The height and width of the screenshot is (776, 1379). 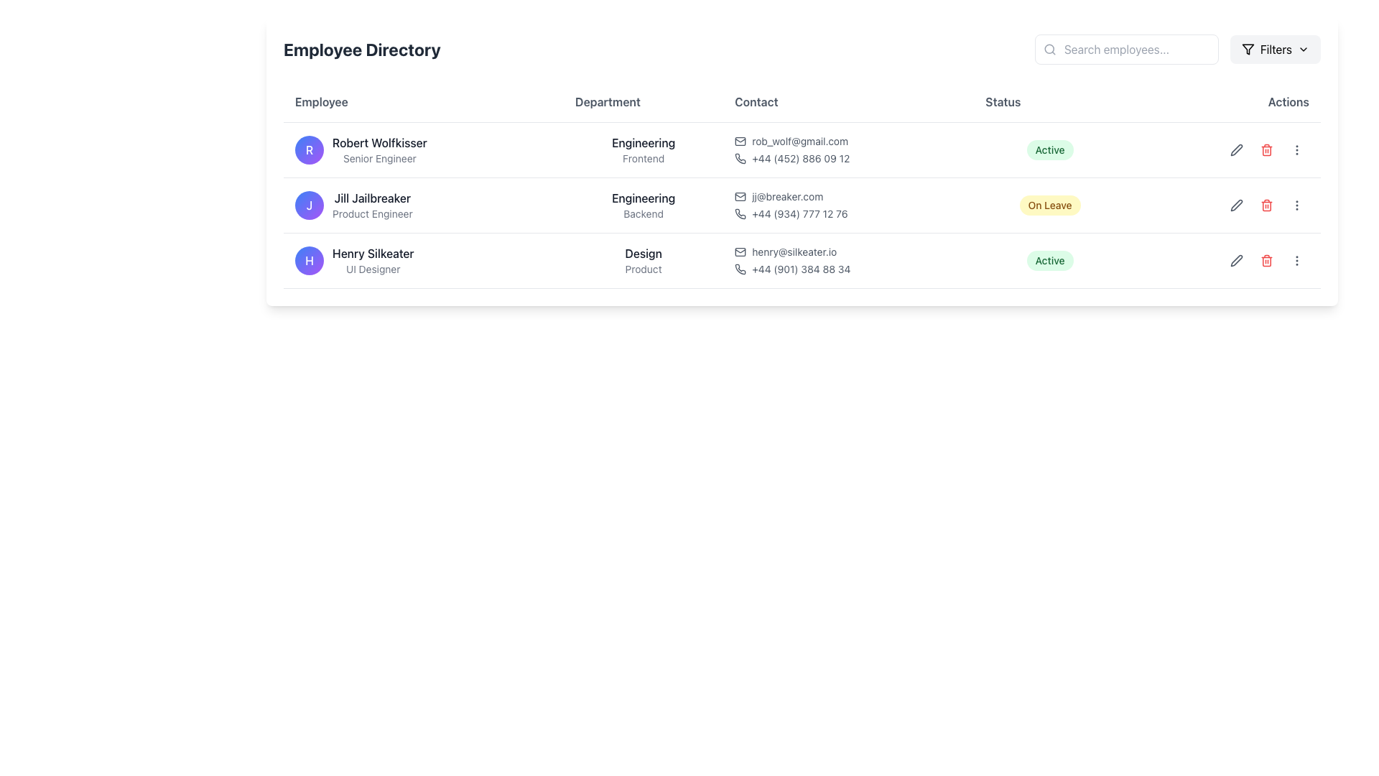 I want to click on the edit icon in the action panel for the 'Henry Silkeater' entry, which is located in the rightmost column of the last row of the table, so click(x=1222, y=260).